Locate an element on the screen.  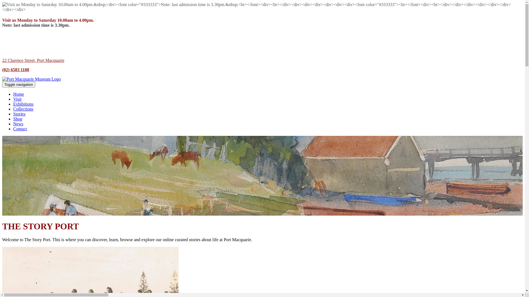
'22 Clarence Street, Port Macquarie' is located at coordinates (2, 60).